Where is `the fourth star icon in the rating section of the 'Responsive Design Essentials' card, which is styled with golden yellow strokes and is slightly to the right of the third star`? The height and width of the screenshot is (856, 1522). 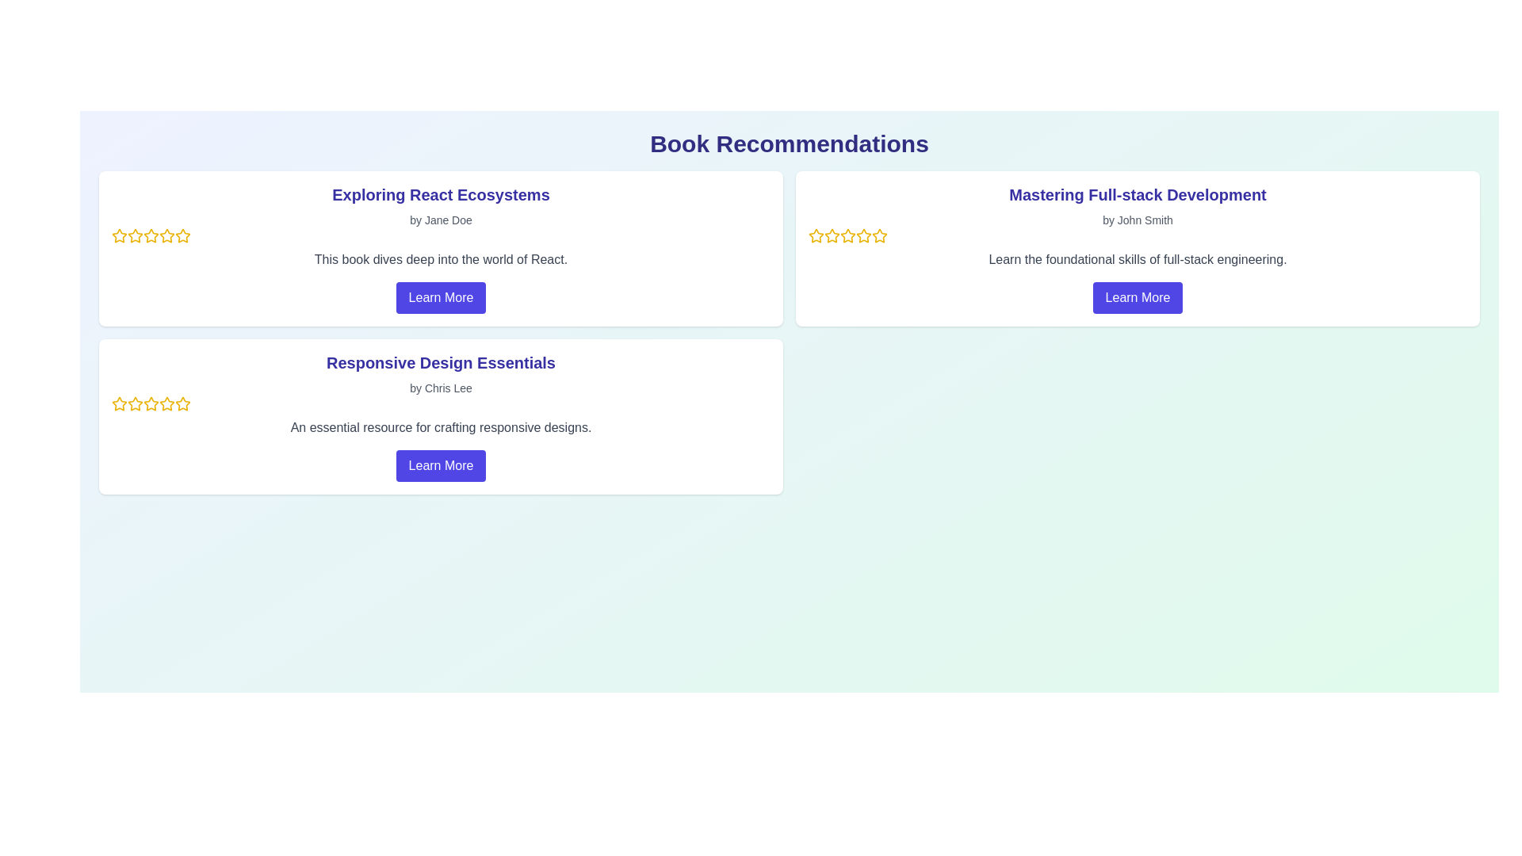 the fourth star icon in the rating section of the 'Responsive Design Essentials' card, which is styled with golden yellow strokes and is slightly to the right of the third star is located at coordinates (182, 403).